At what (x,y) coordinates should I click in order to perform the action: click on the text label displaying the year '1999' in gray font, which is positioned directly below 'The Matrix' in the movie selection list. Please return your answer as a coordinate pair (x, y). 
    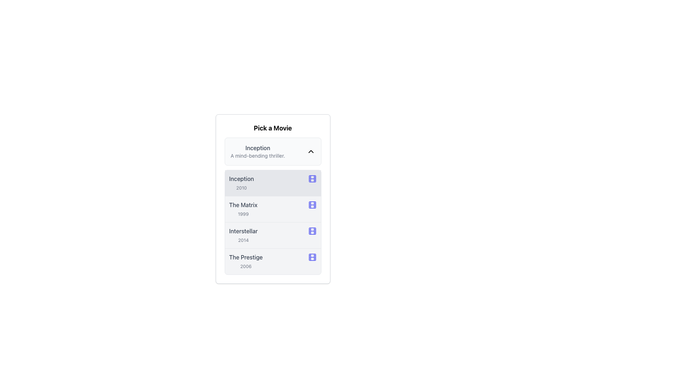
    Looking at the image, I should click on (243, 214).